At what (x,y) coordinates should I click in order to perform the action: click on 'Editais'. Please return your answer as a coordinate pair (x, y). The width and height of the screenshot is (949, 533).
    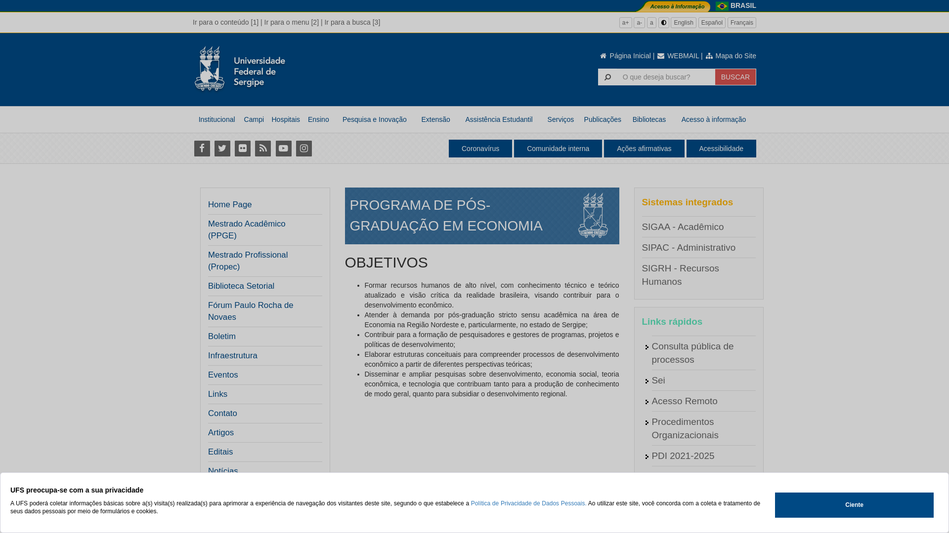
    Looking at the image, I should click on (208, 452).